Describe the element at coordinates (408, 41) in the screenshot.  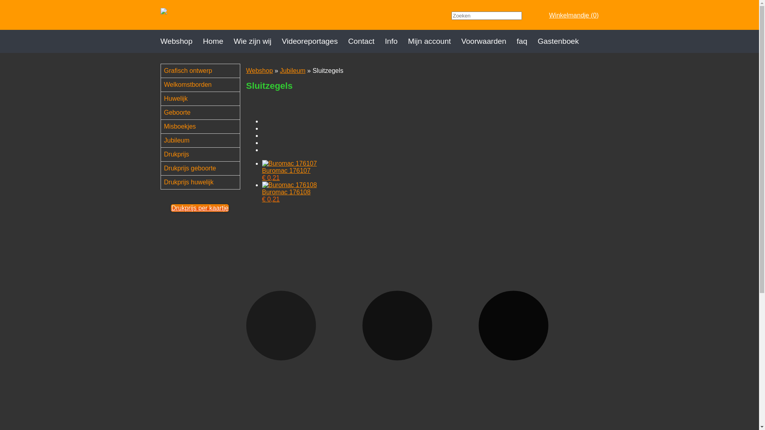
I see `'Mijn account'` at that location.